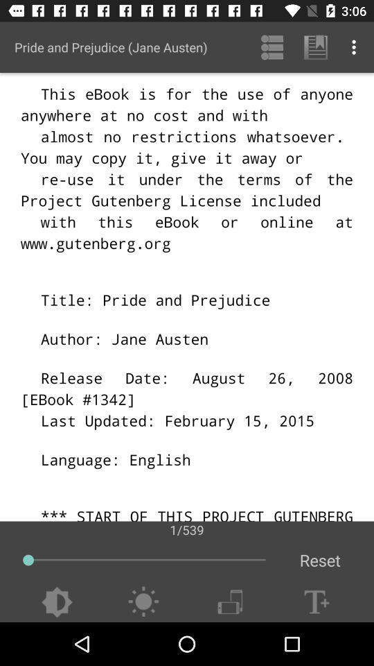 The width and height of the screenshot is (374, 666). Describe the element at coordinates (320, 560) in the screenshot. I see `the reset icon` at that location.